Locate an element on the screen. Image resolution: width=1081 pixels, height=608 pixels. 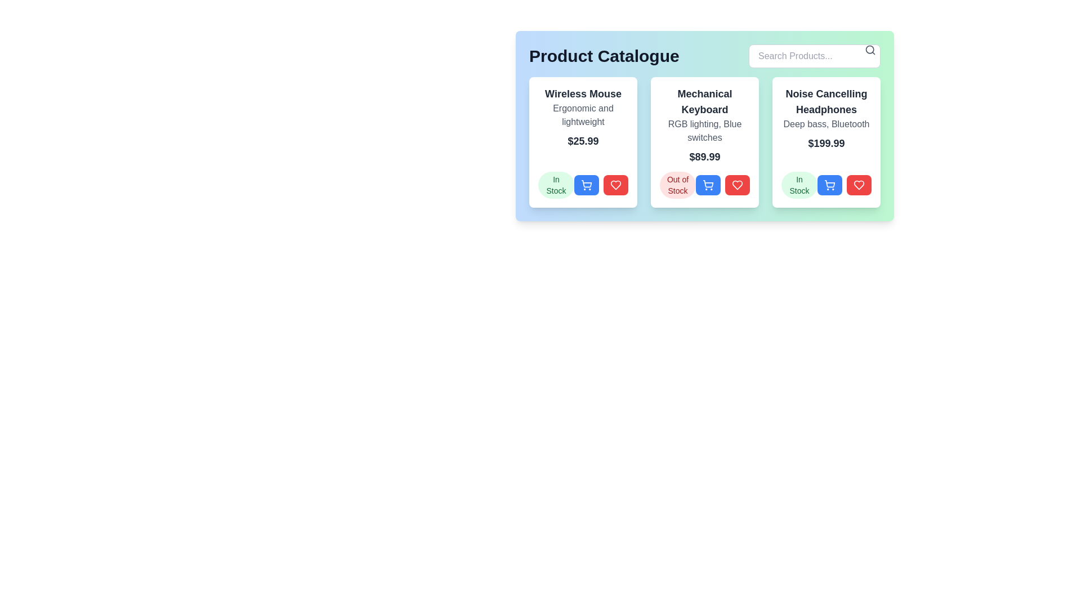
product information displayed in the textual presentation element titled 'Noise Cancelling Headphones', which includes the subtext 'Deep bass, Bluetooth' and the price label '$199.99' is located at coordinates (827, 119).